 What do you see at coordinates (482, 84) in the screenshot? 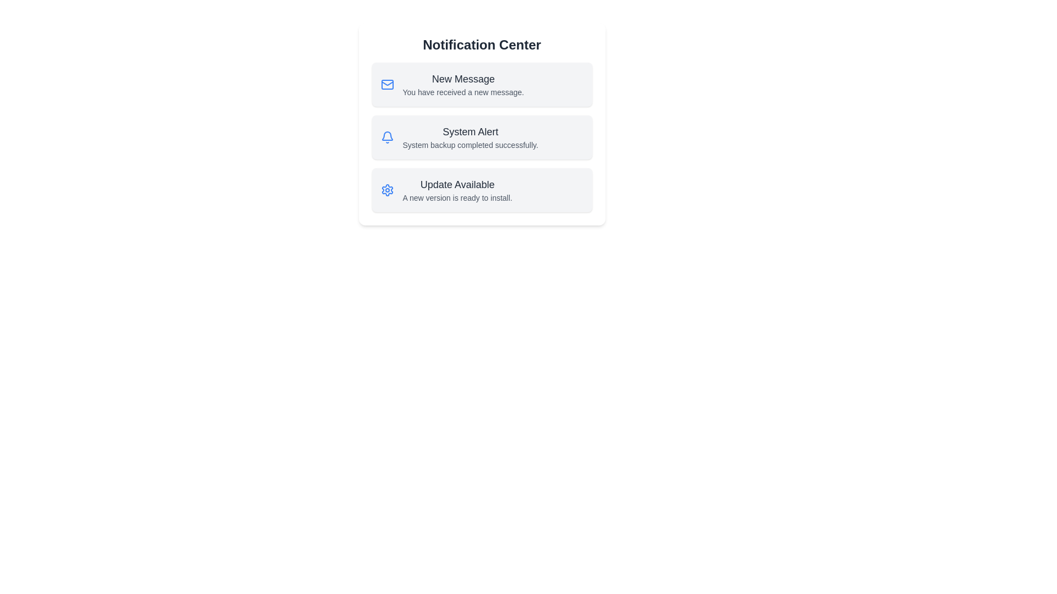
I see `the topmost notification card in the notification center panel that informs the user about a new message` at bounding box center [482, 84].